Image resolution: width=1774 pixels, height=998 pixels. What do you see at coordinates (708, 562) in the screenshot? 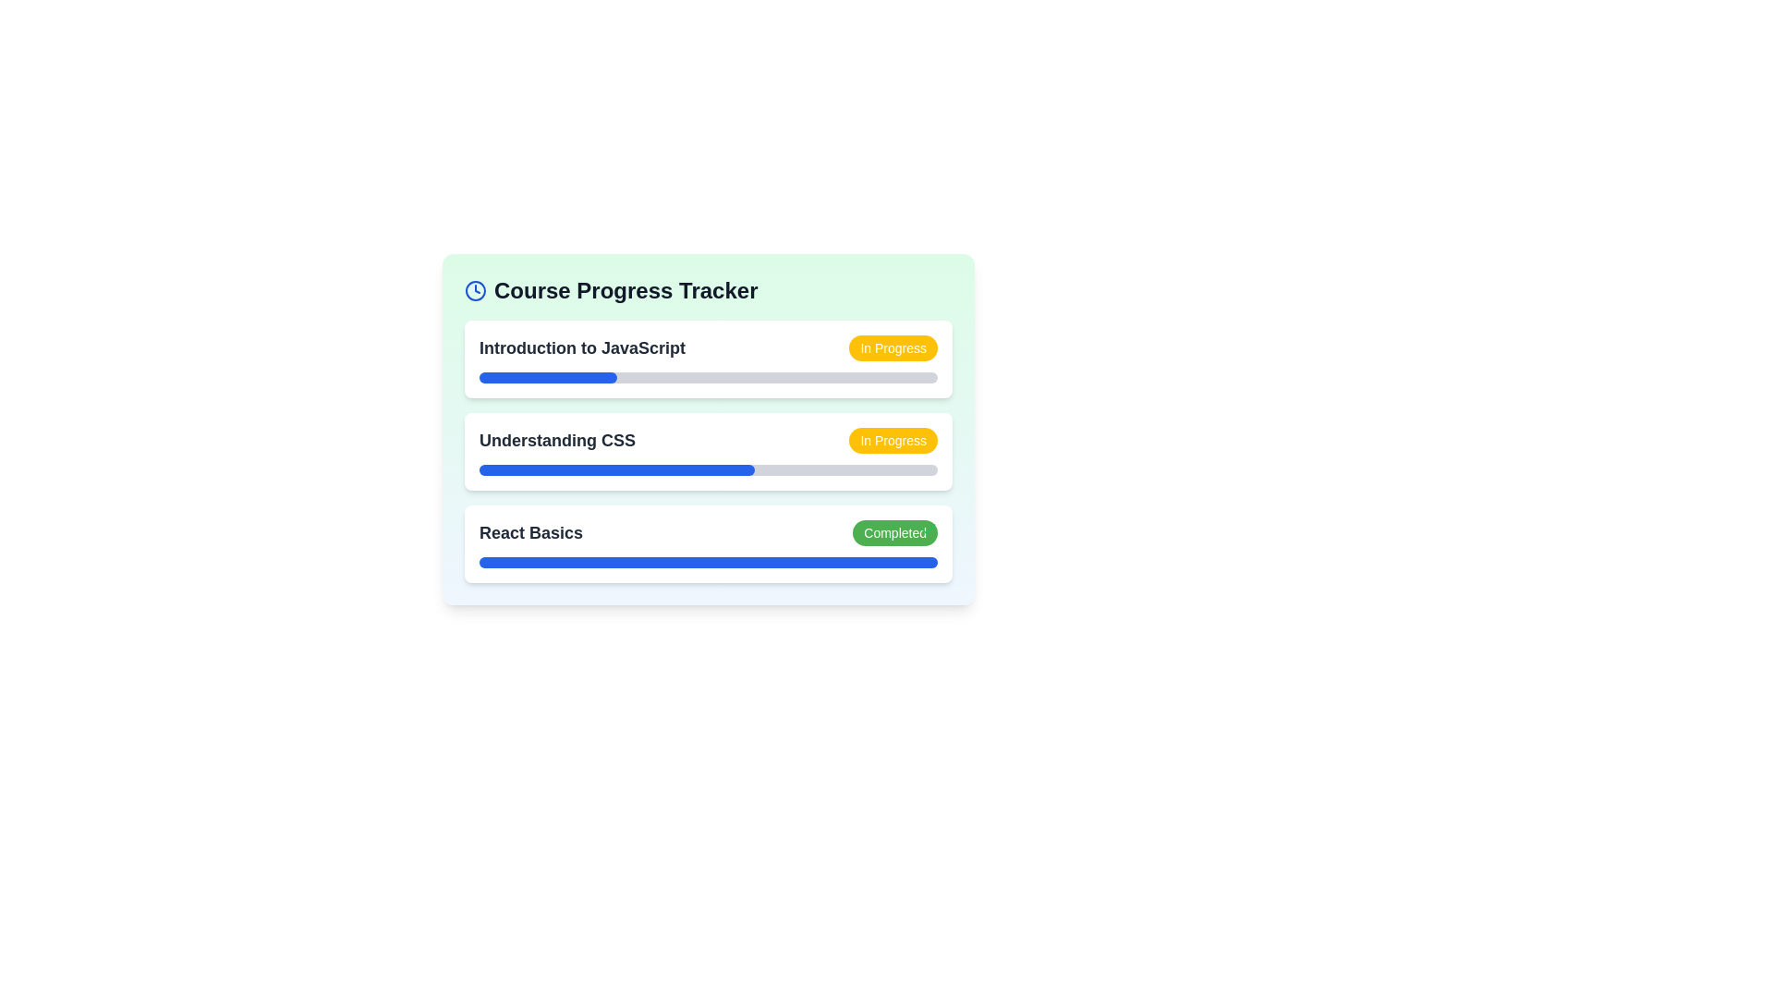
I see `the progress visually on the gray background progress bar with a blue filled portion located beneath the 'React Basics' header` at bounding box center [708, 562].